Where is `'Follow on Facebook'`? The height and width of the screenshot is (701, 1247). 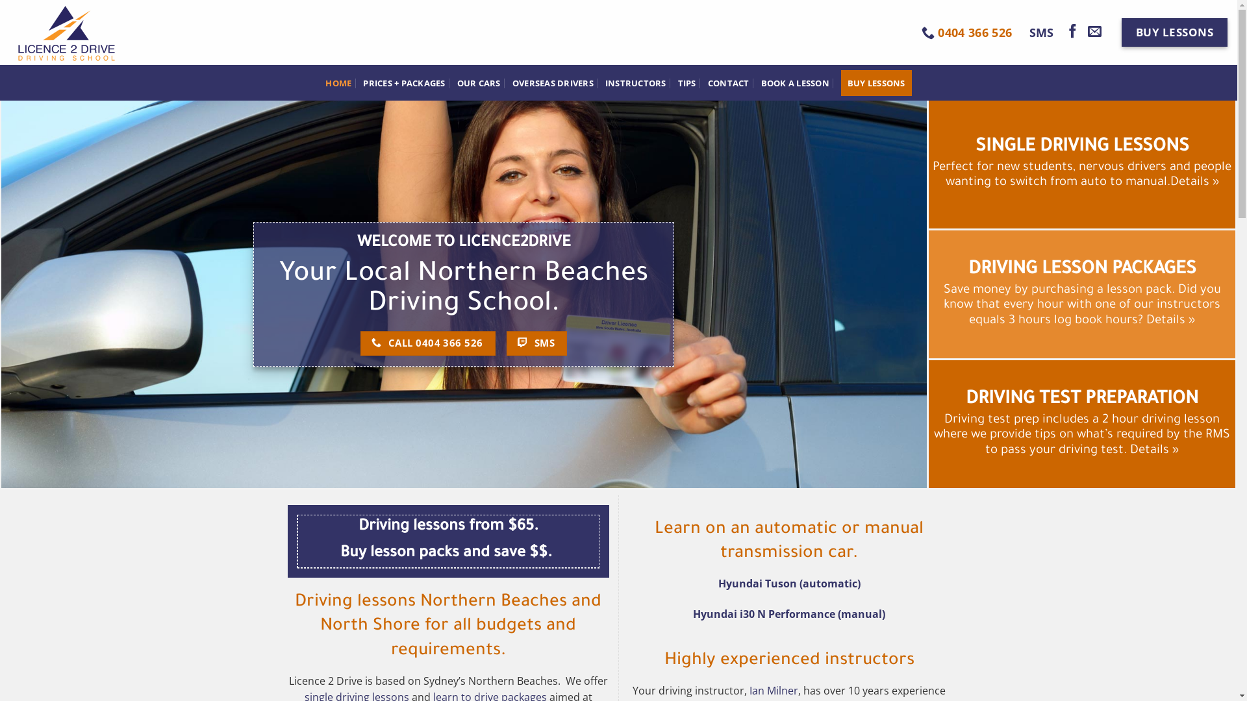 'Follow on Facebook' is located at coordinates (1072, 31).